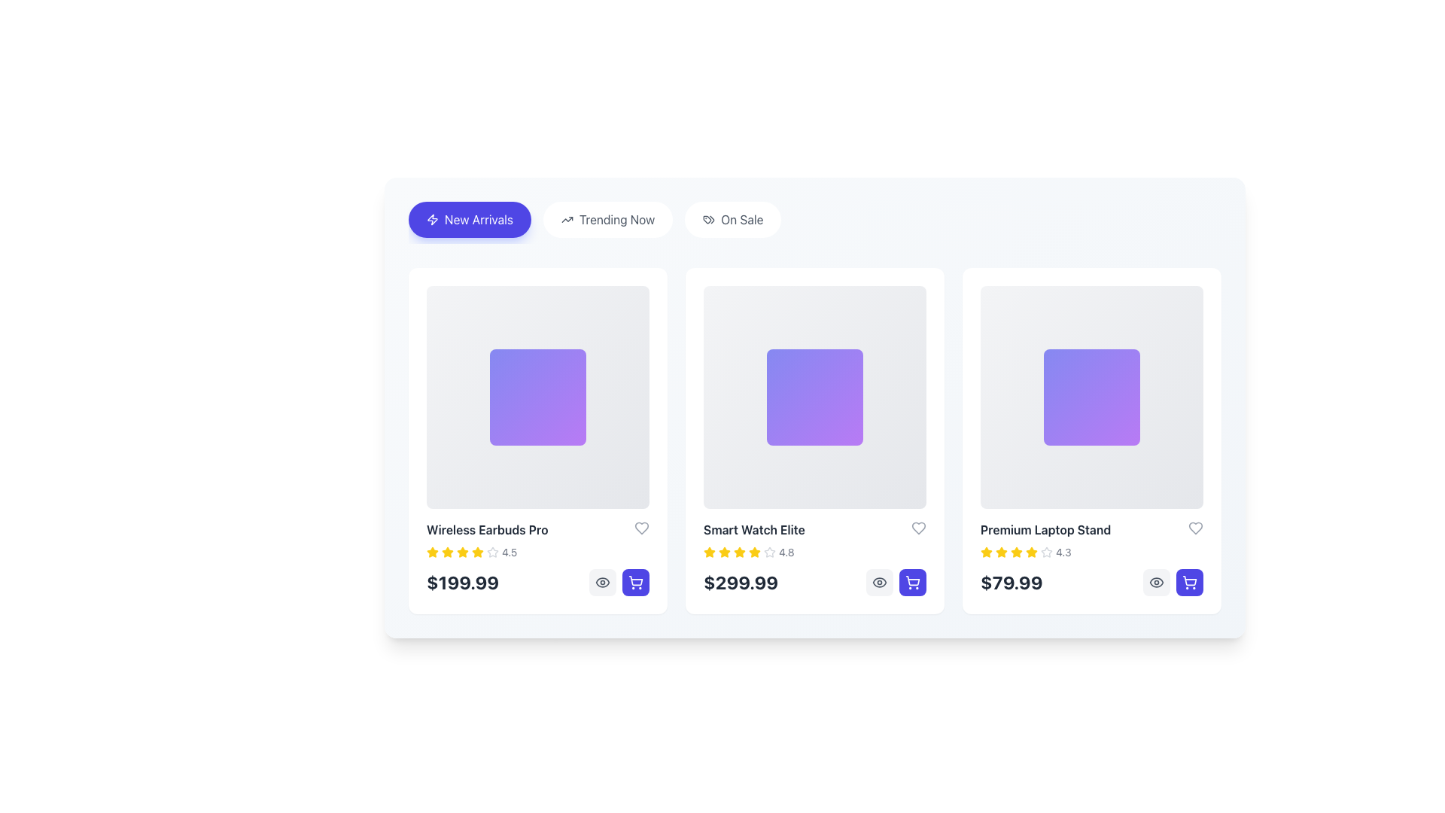 The image size is (1445, 813). What do you see at coordinates (432, 220) in the screenshot?
I see `the icon inside the 'New Arrivals' button, which is positioned to the left of the text label, enhancing the button's purpose` at bounding box center [432, 220].